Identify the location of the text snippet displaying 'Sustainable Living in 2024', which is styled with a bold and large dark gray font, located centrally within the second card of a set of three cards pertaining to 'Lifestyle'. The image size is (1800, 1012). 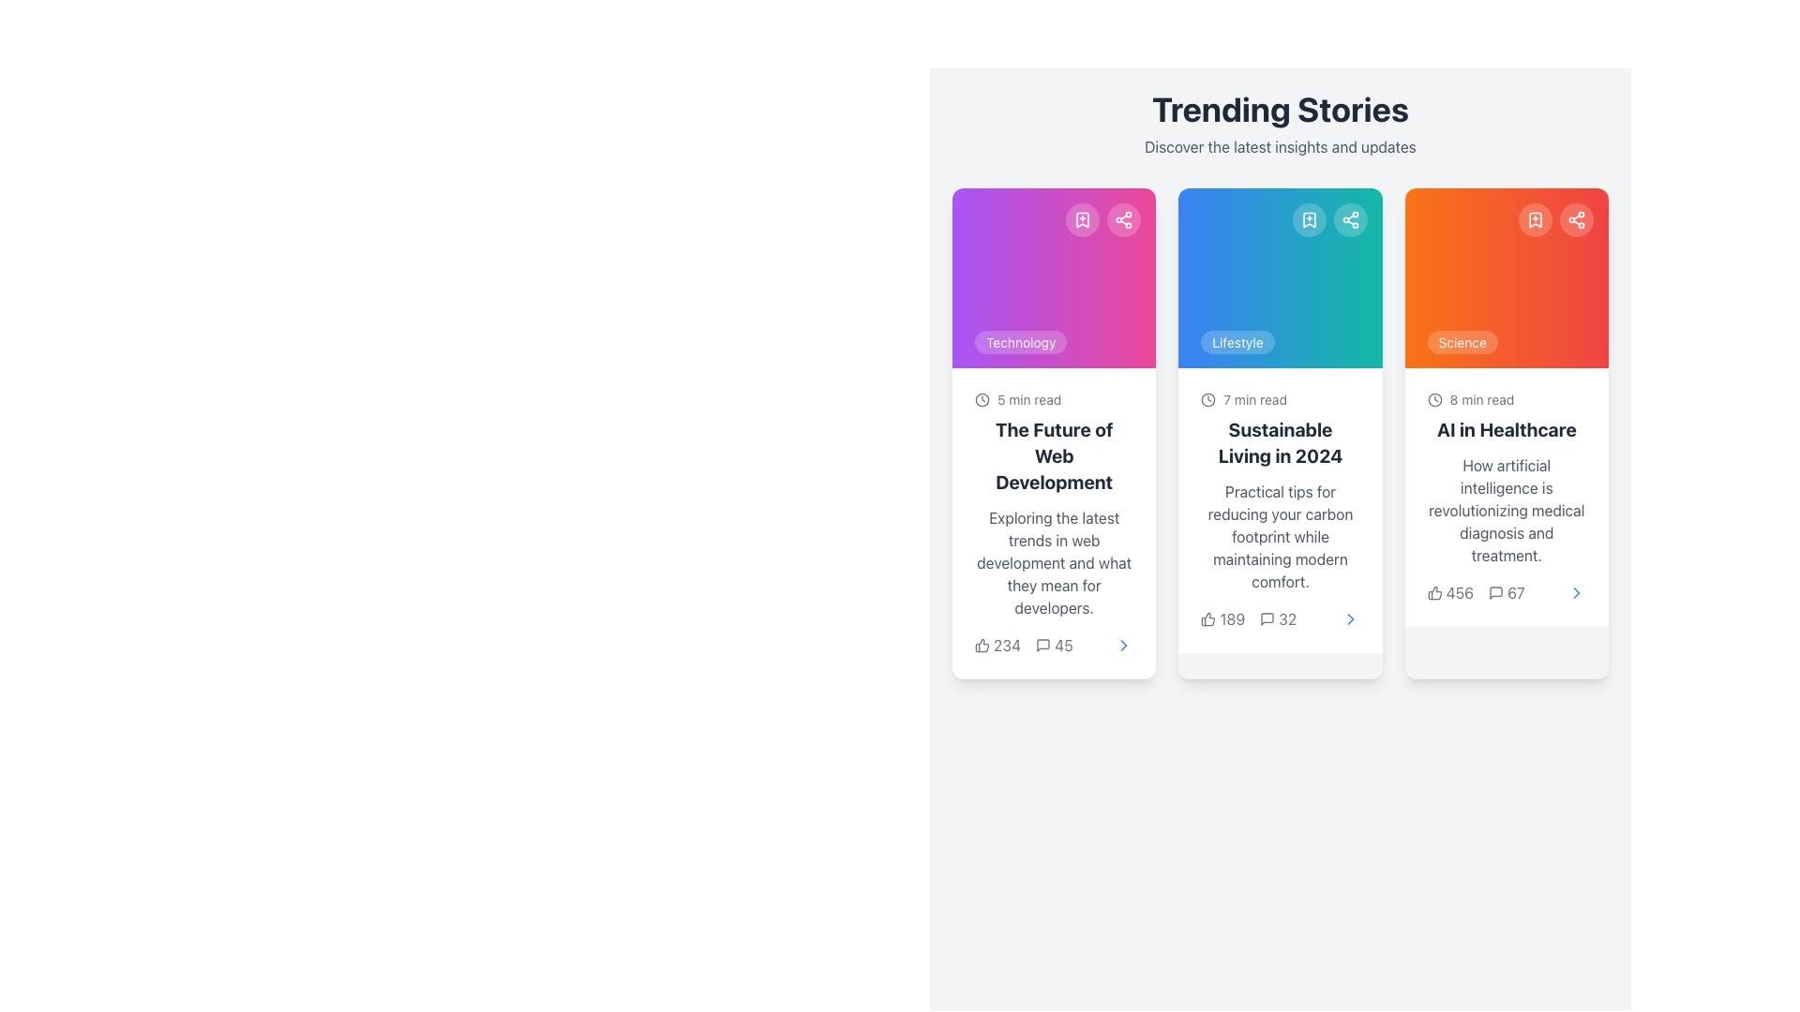
(1280, 443).